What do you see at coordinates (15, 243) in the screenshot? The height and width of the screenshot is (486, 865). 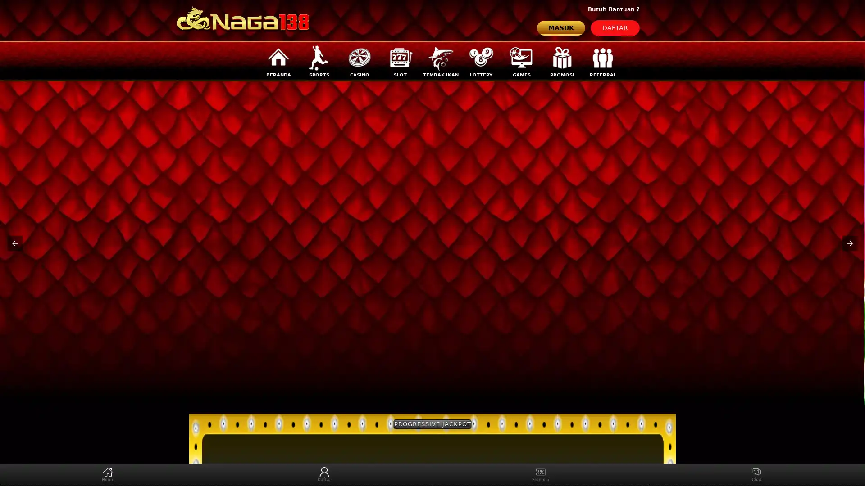 I see `Previous item in carousel (4 of 4)` at bounding box center [15, 243].